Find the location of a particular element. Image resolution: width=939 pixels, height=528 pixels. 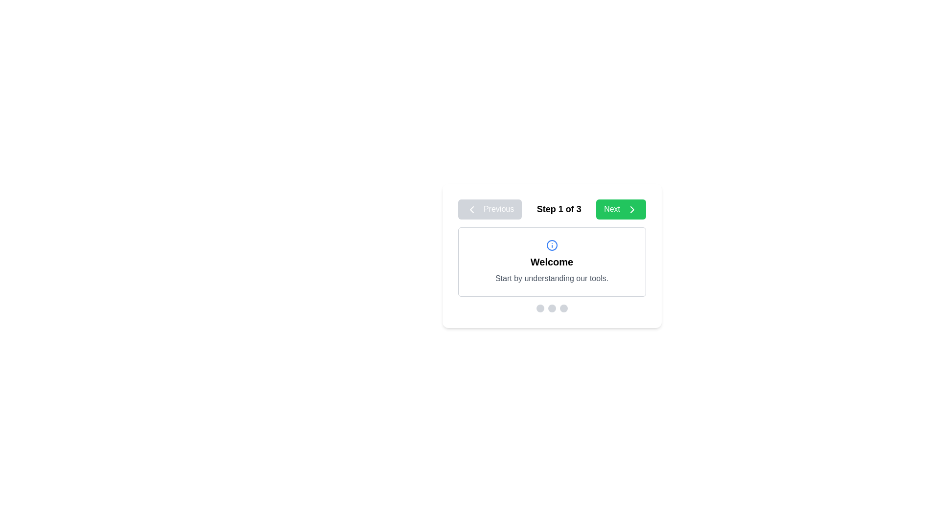

the Text label that indicates the current step within a multi-step process, located centrally in the navigation bar at the top of the section is located at coordinates (552, 209).